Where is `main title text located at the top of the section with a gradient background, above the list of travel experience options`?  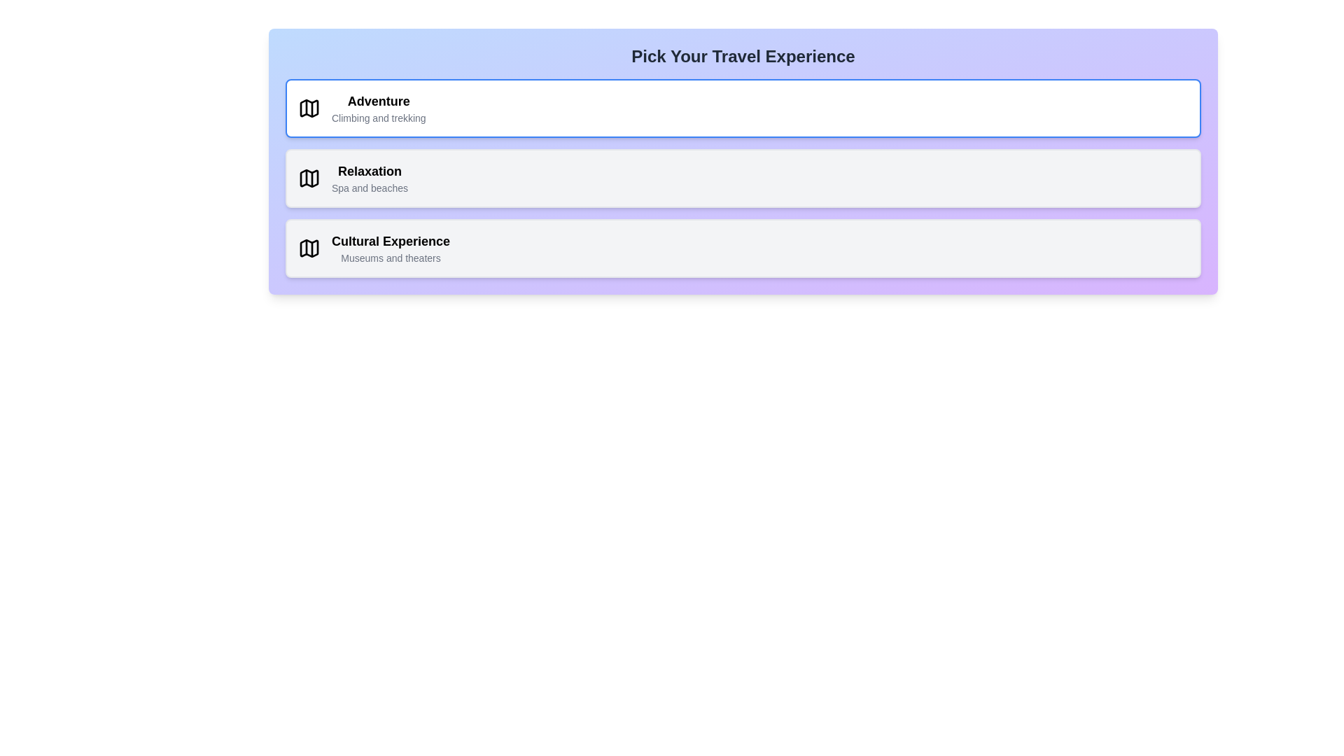 main title text located at the top of the section with a gradient background, above the list of travel experience options is located at coordinates (742, 56).